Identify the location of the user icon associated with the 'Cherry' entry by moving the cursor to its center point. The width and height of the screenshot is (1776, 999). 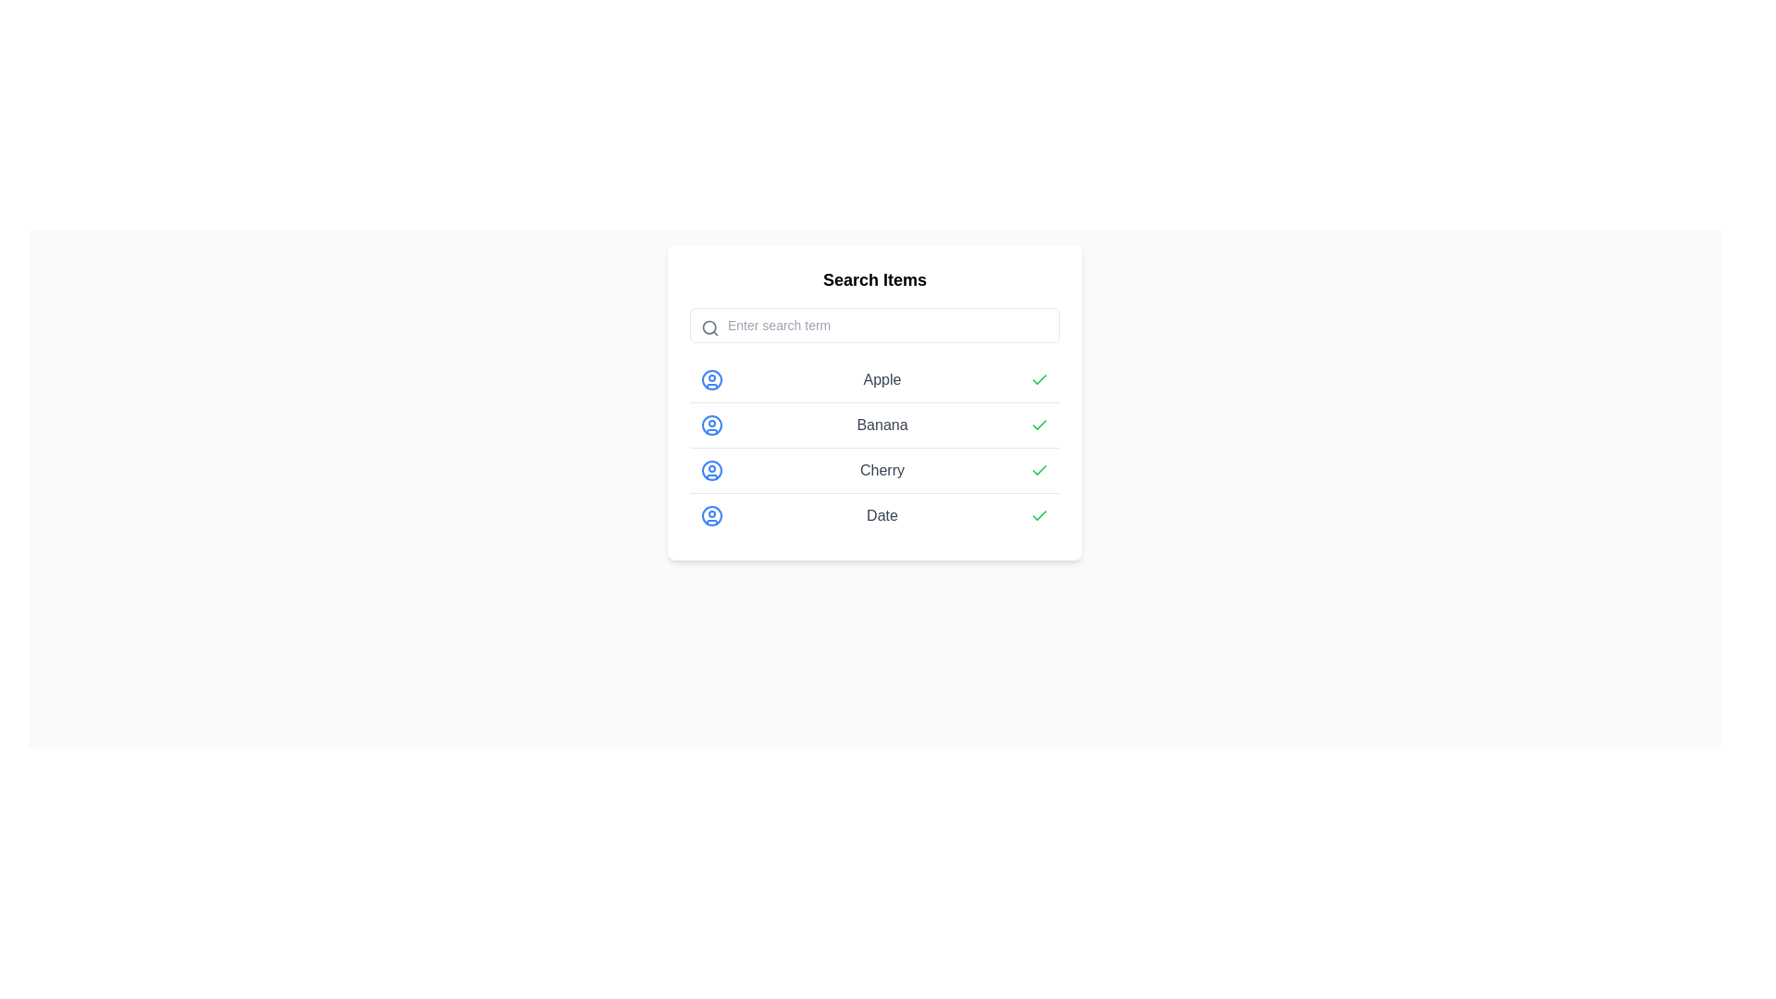
(710, 470).